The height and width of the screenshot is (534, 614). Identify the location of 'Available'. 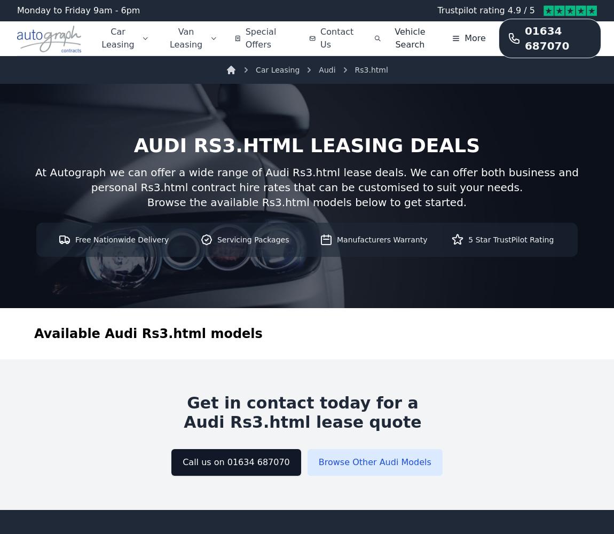
(68, 334).